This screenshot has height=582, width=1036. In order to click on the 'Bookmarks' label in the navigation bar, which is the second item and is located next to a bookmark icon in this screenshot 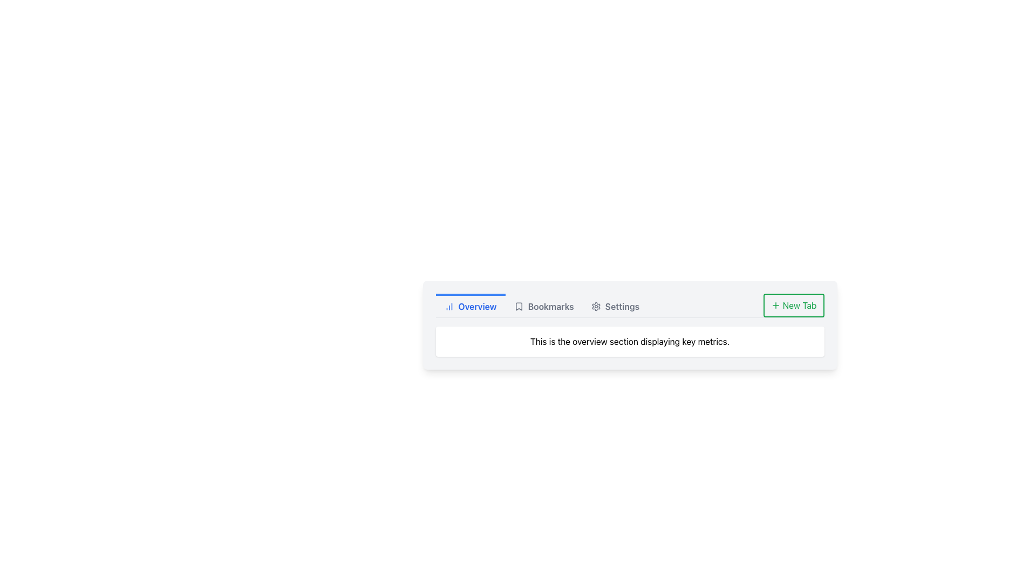, I will do `click(551, 307)`.